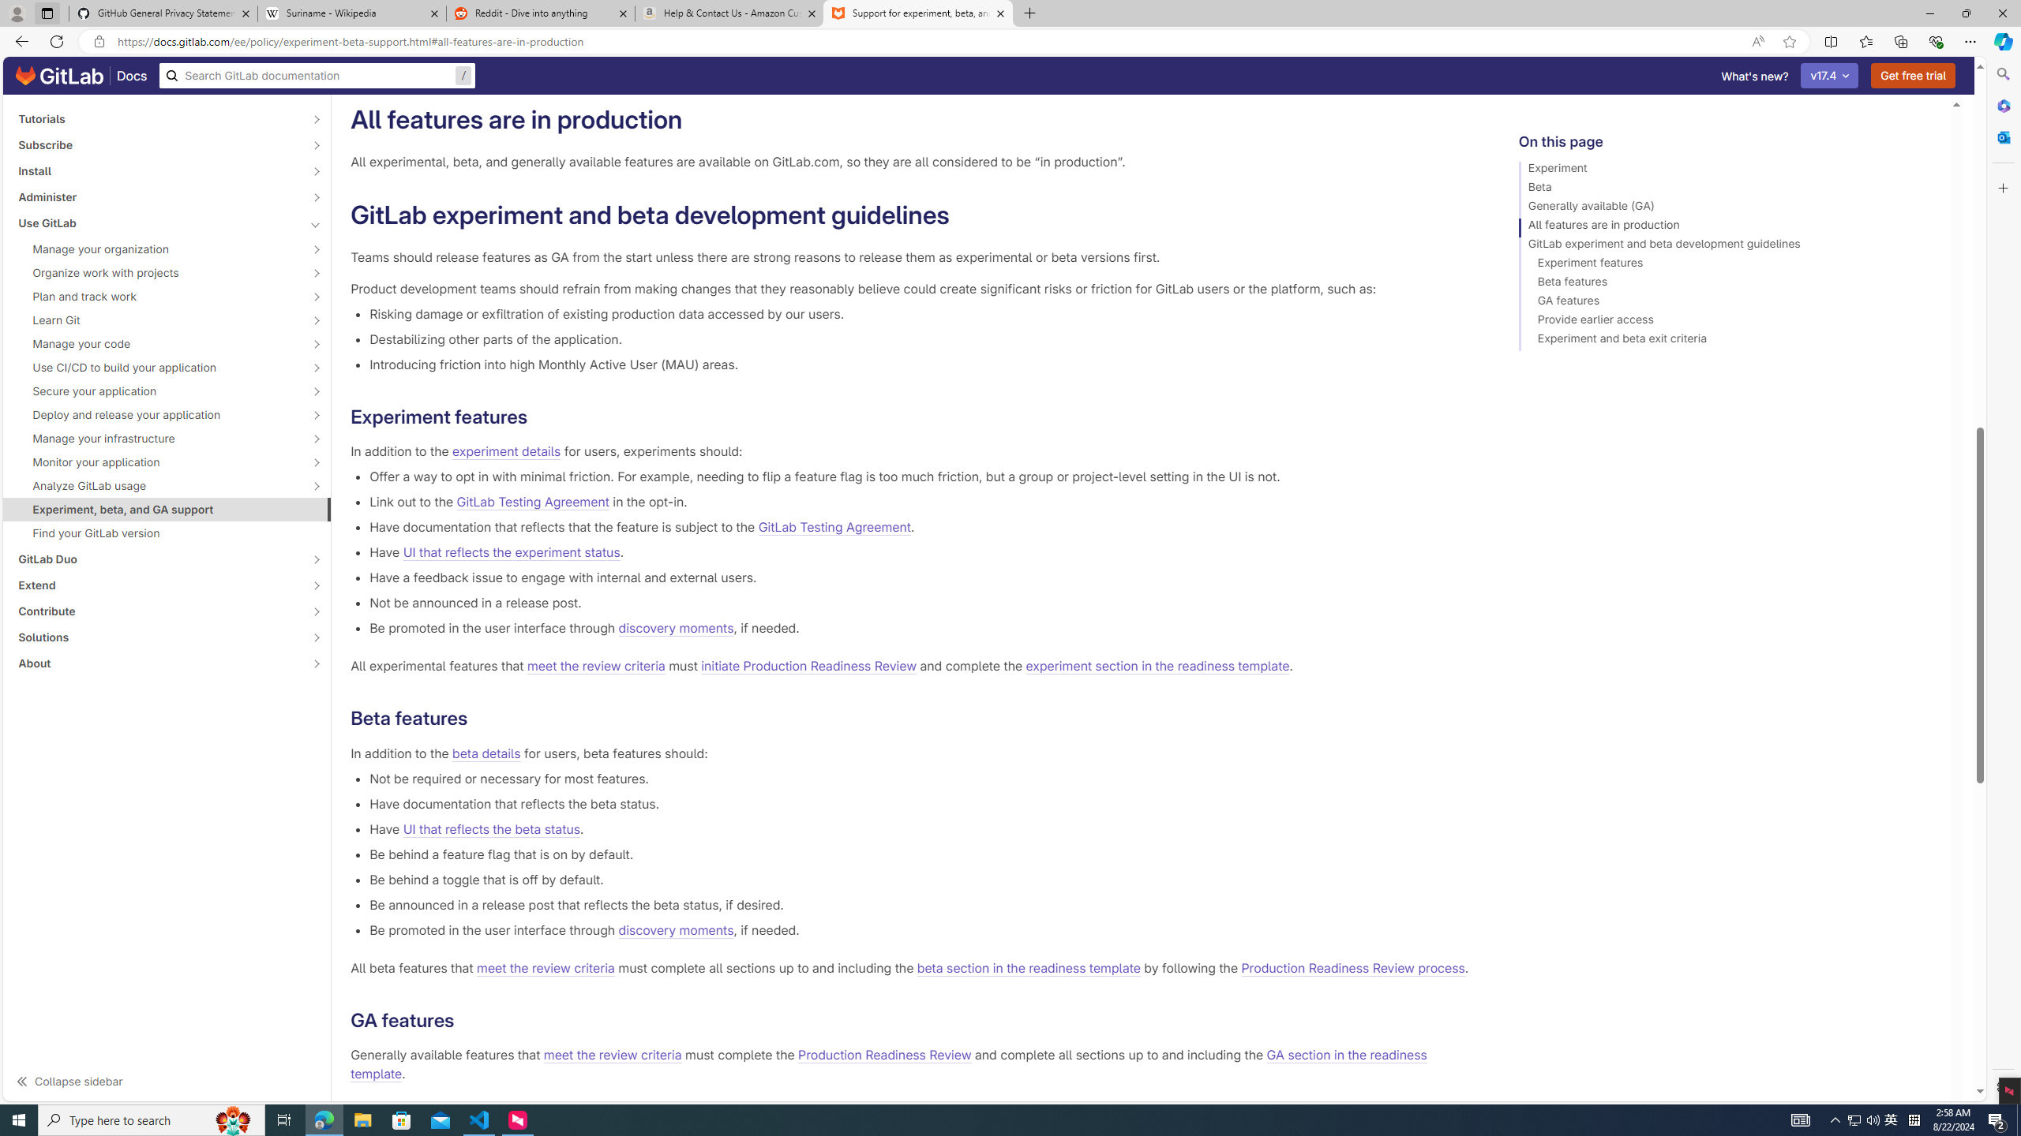  What do you see at coordinates (1727, 208) in the screenshot?
I see `'Generally available (GA)'` at bounding box center [1727, 208].